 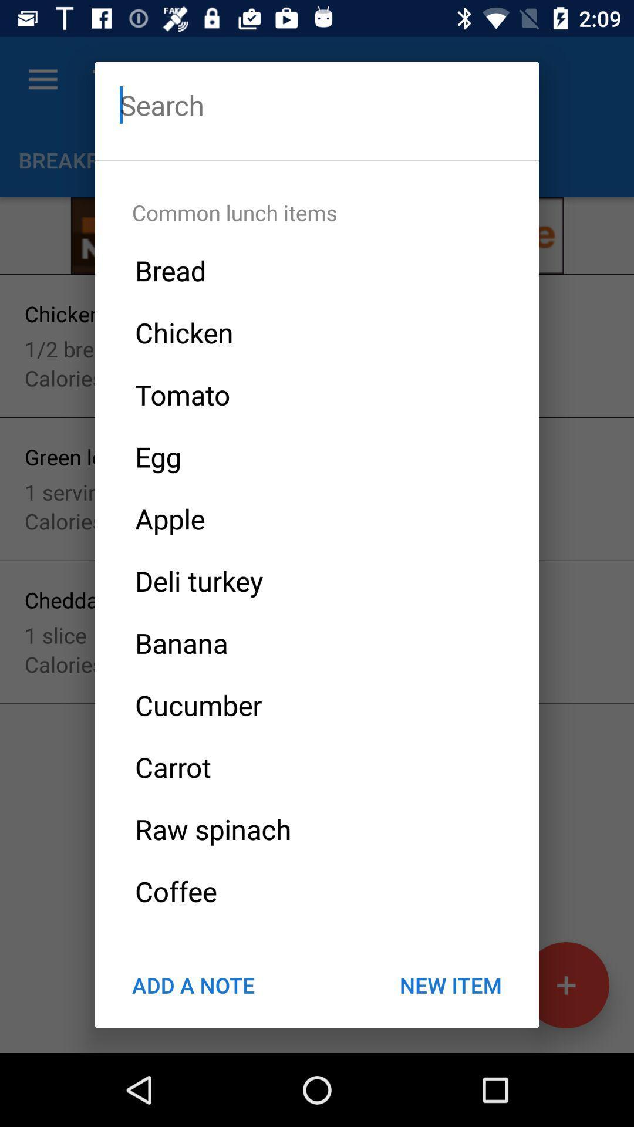 I want to click on the icon next to the add a note item, so click(x=450, y=985).